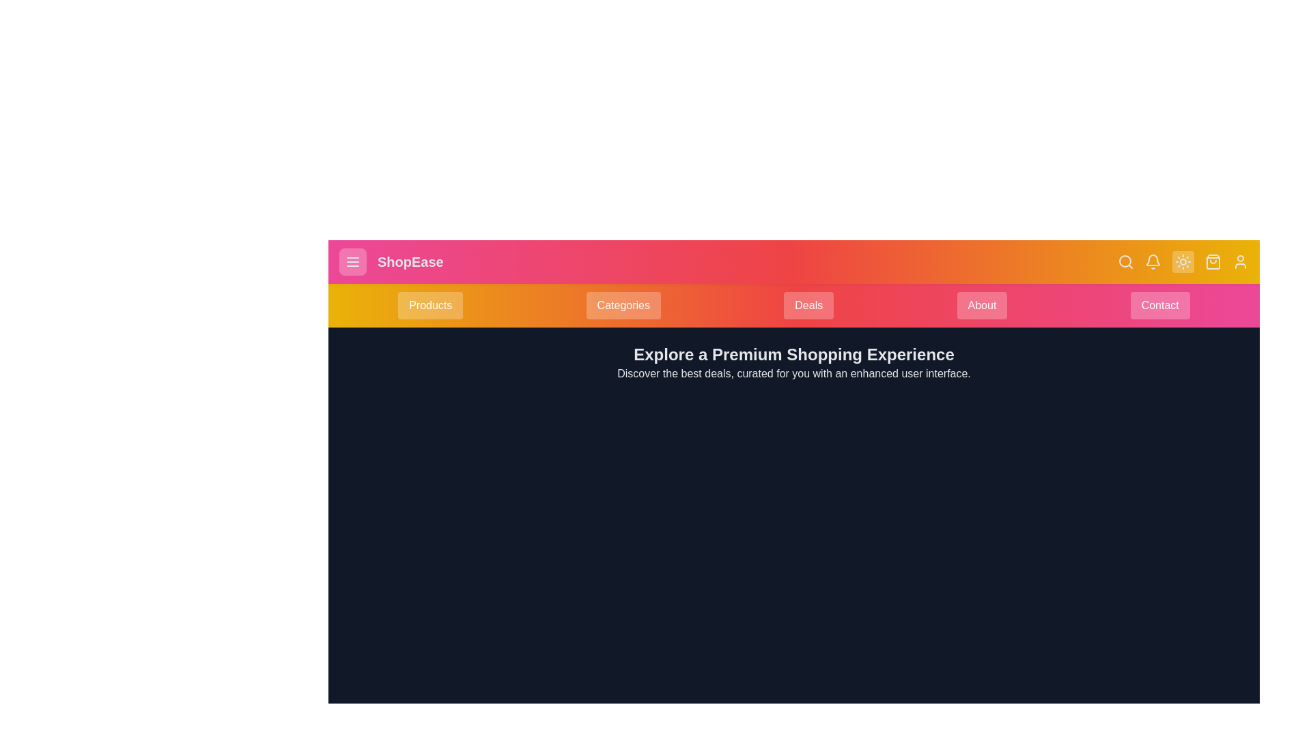 Image resolution: width=1311 pixels, height=737 pixels. I want to click on the About button in the navigation bar to navigate to the respective section, so click(981, 304).